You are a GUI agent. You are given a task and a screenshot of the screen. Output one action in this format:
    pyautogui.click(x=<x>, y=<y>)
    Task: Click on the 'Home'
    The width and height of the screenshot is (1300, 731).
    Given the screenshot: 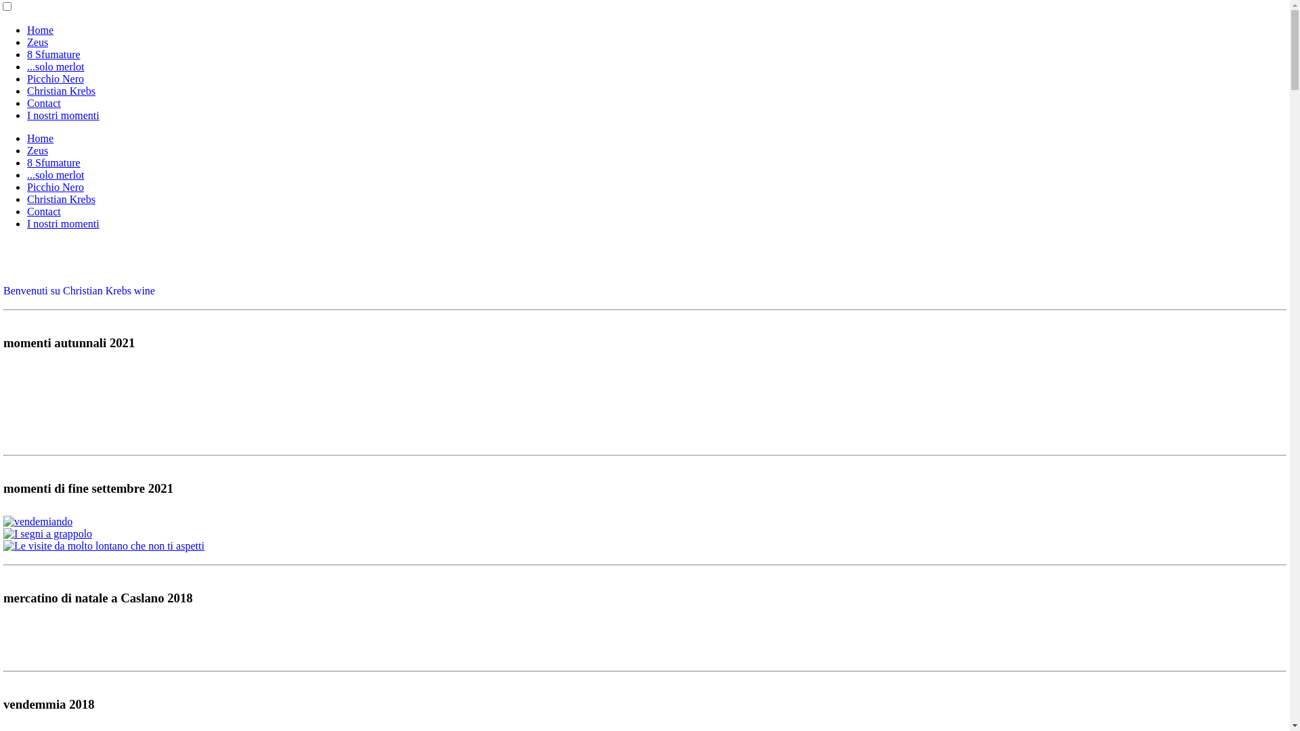 What is the action you would take?
    pyautogui.click(x=26, y=30)
    